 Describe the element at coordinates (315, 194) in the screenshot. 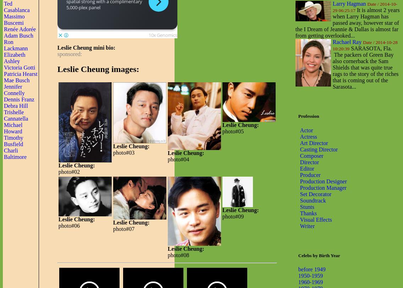

I see `'Set Decorator'` at that location.